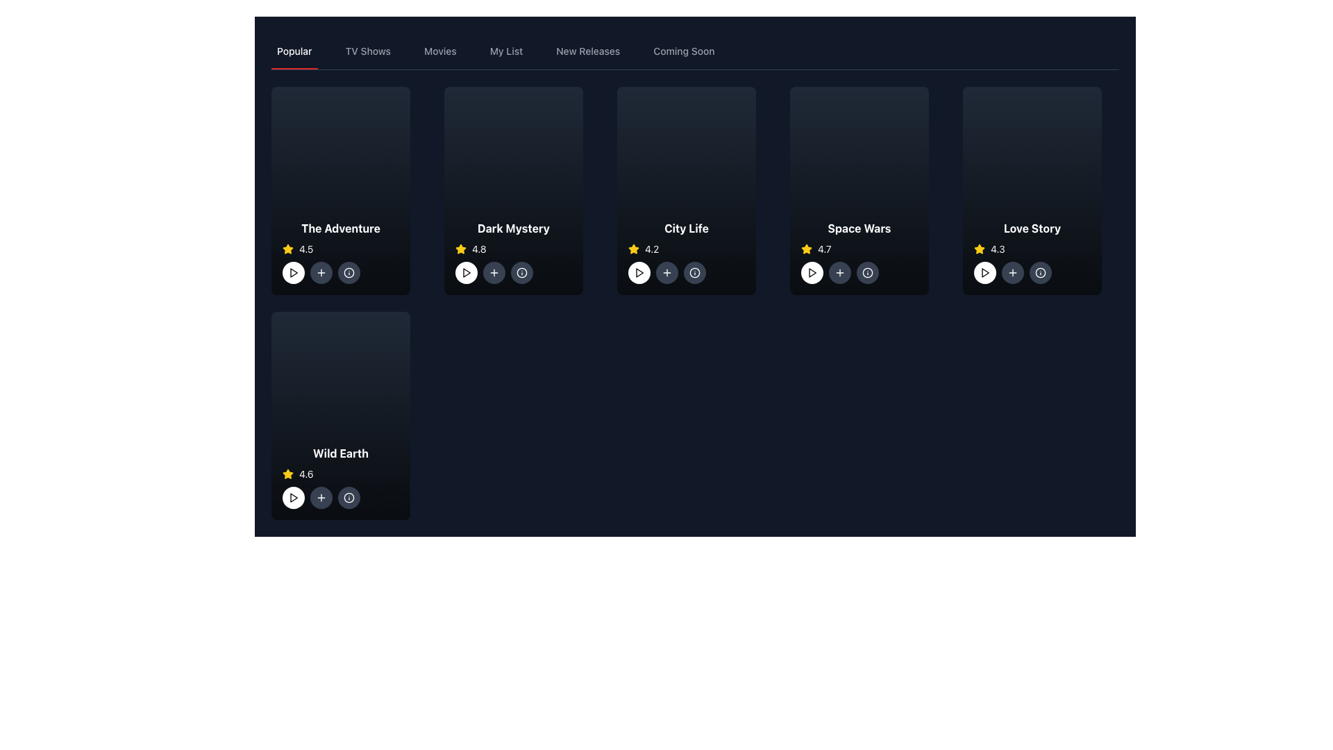 The width and height of the screenshot is (1333, 750). I want to click on the third circular button in the horizontal group located below the 'Space Wars' card, so click(866, 273).